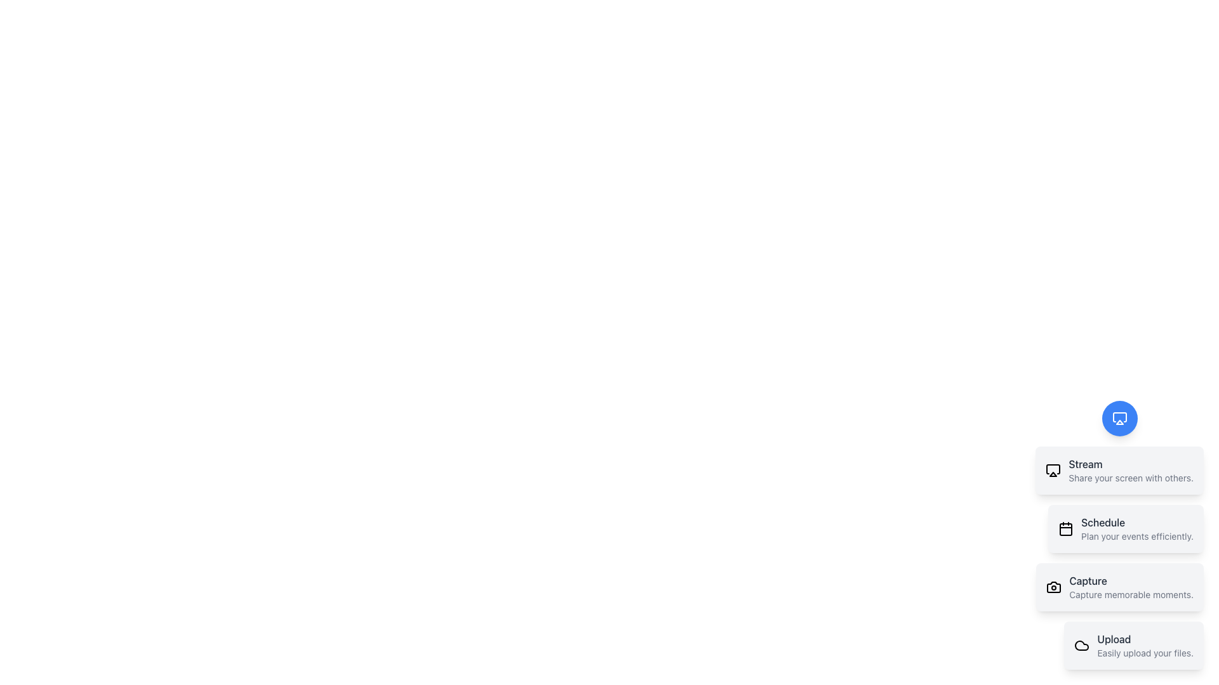 This screenshot has height=685, width=1219. What do you see at coordinates (1054, 587) in the screenshot?
I see `the 'Capture' icon, which represents the functionality of capturing or taking photos, located within the third card on the right-hand side of the interface` at bounding box center [1054, 587].